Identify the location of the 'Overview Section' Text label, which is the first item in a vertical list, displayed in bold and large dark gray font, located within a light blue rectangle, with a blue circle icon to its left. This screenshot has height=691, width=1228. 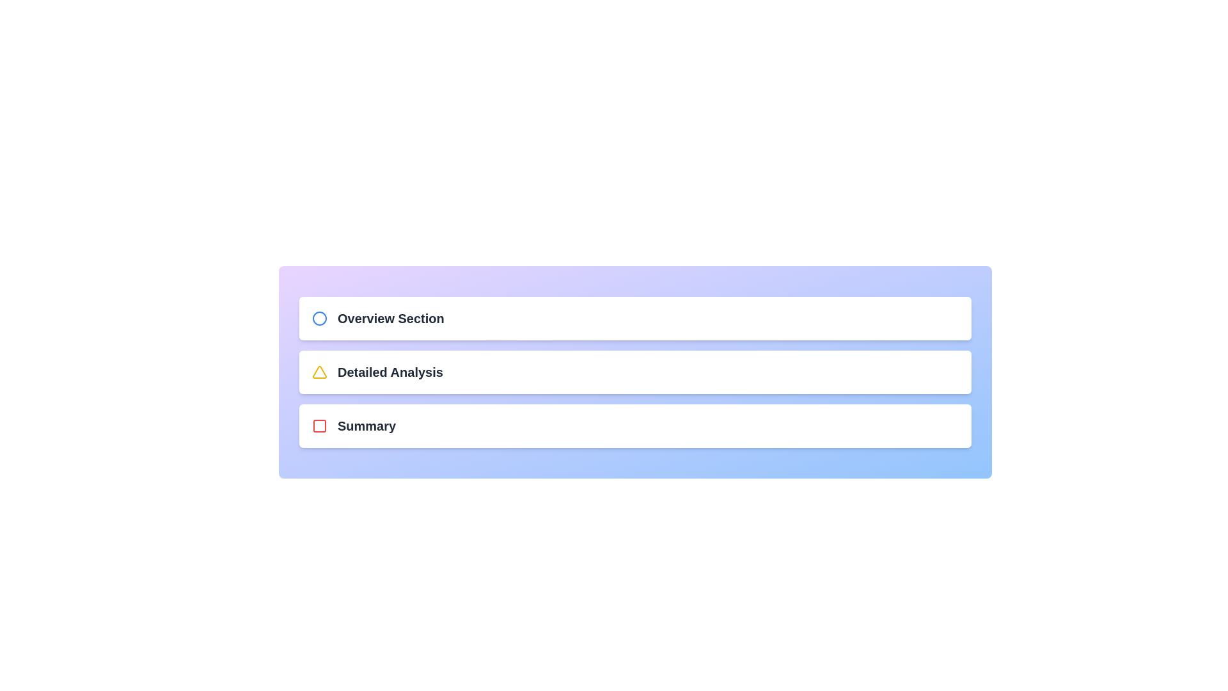
(390, 317).